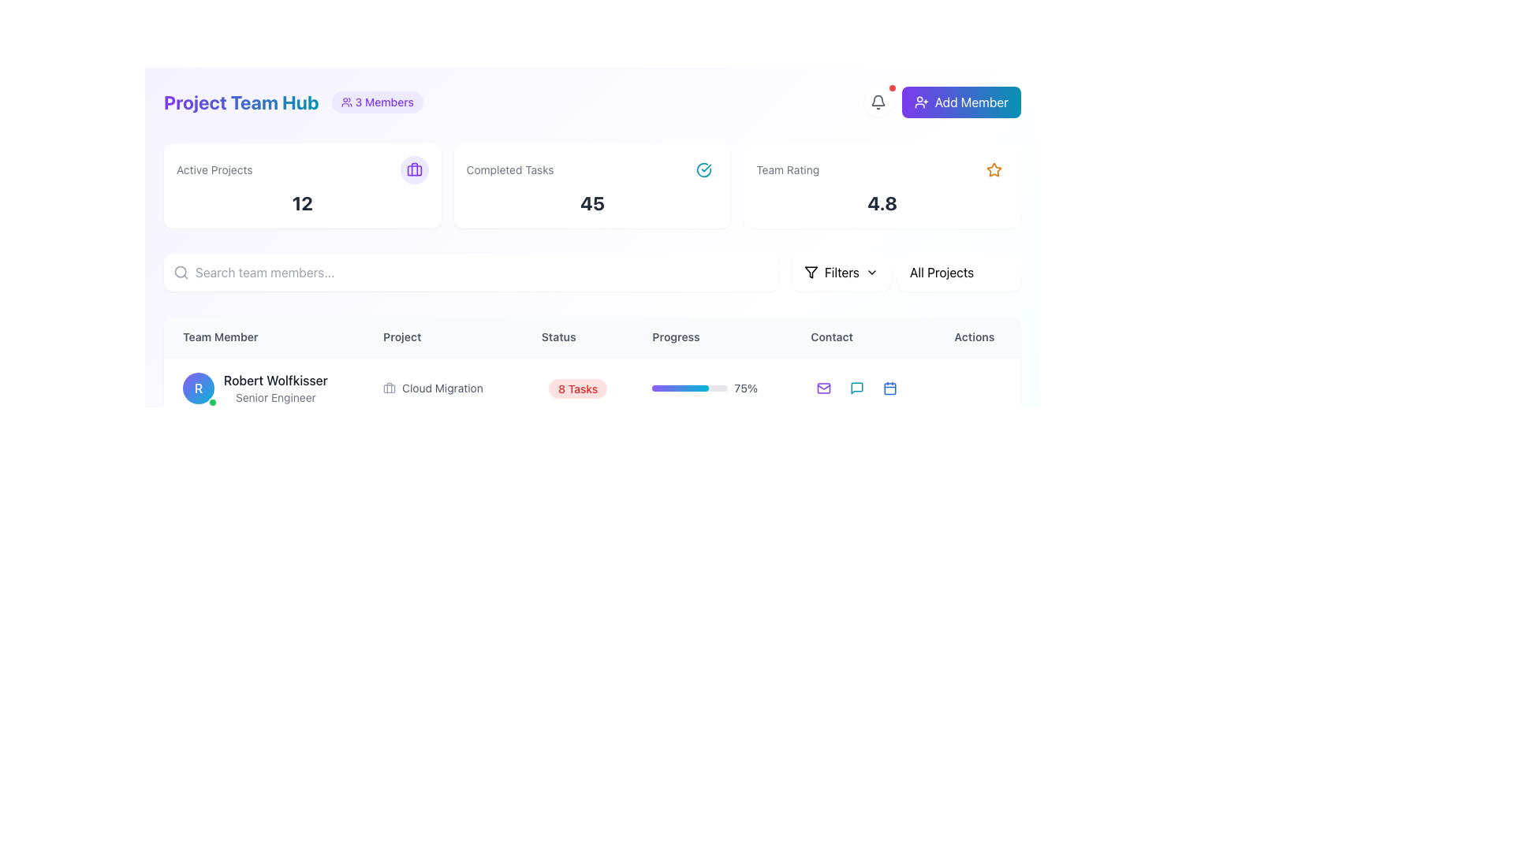  What do you see at coordinates (890, 448) in the screenshot?
I see `the rightmost button in a horizontal group of actions near the 'Contact' column in a data table` at bounding box center [890, 448].